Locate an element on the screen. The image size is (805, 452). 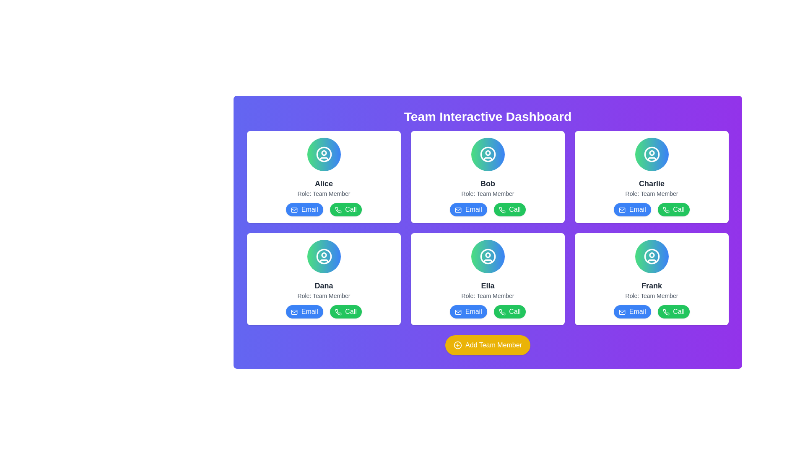
the first 'Email' button associated with the member 'Charlie' is located at coordinates (632, 209).